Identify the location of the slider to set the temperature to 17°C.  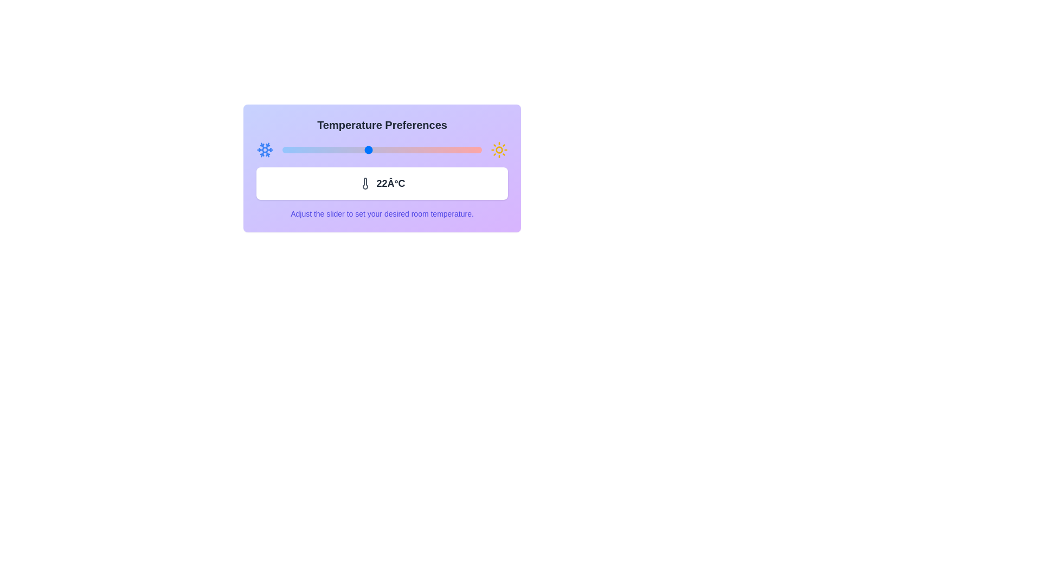
(297, 150).